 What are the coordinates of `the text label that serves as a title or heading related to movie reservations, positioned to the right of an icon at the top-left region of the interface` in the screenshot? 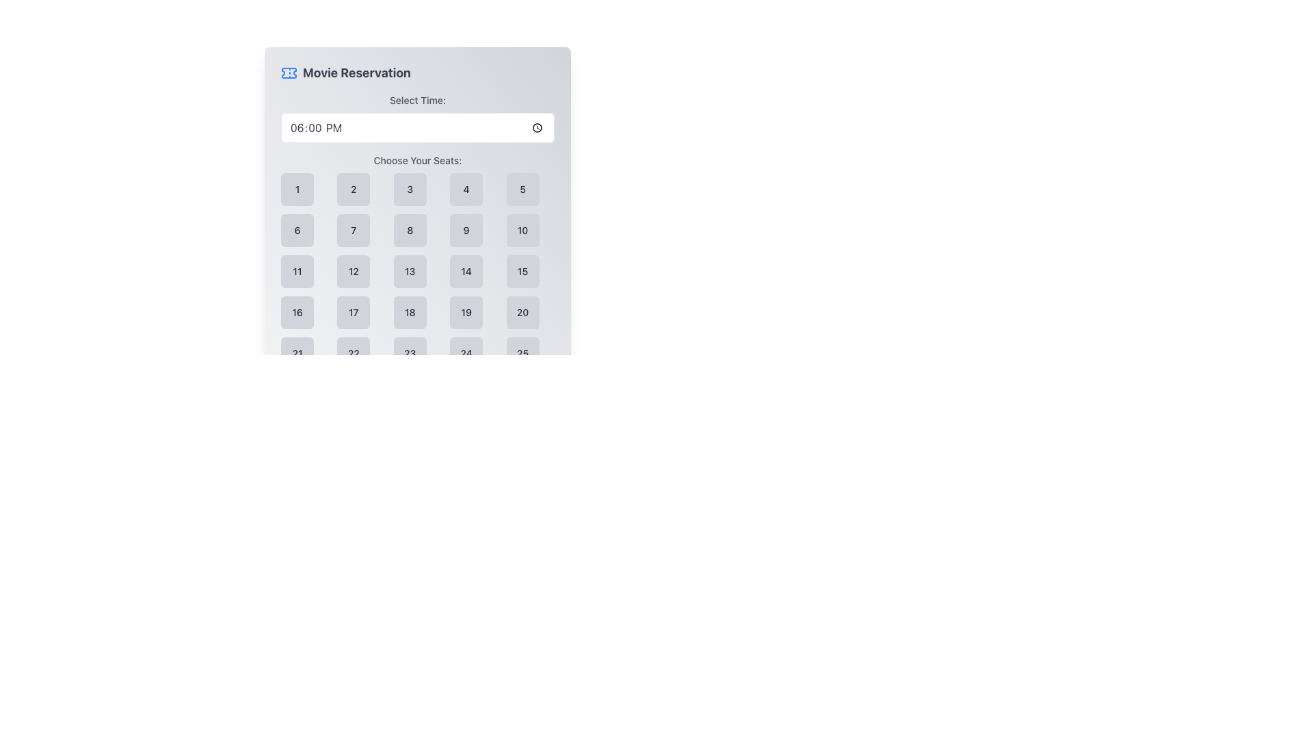 It's located at (356, 73).